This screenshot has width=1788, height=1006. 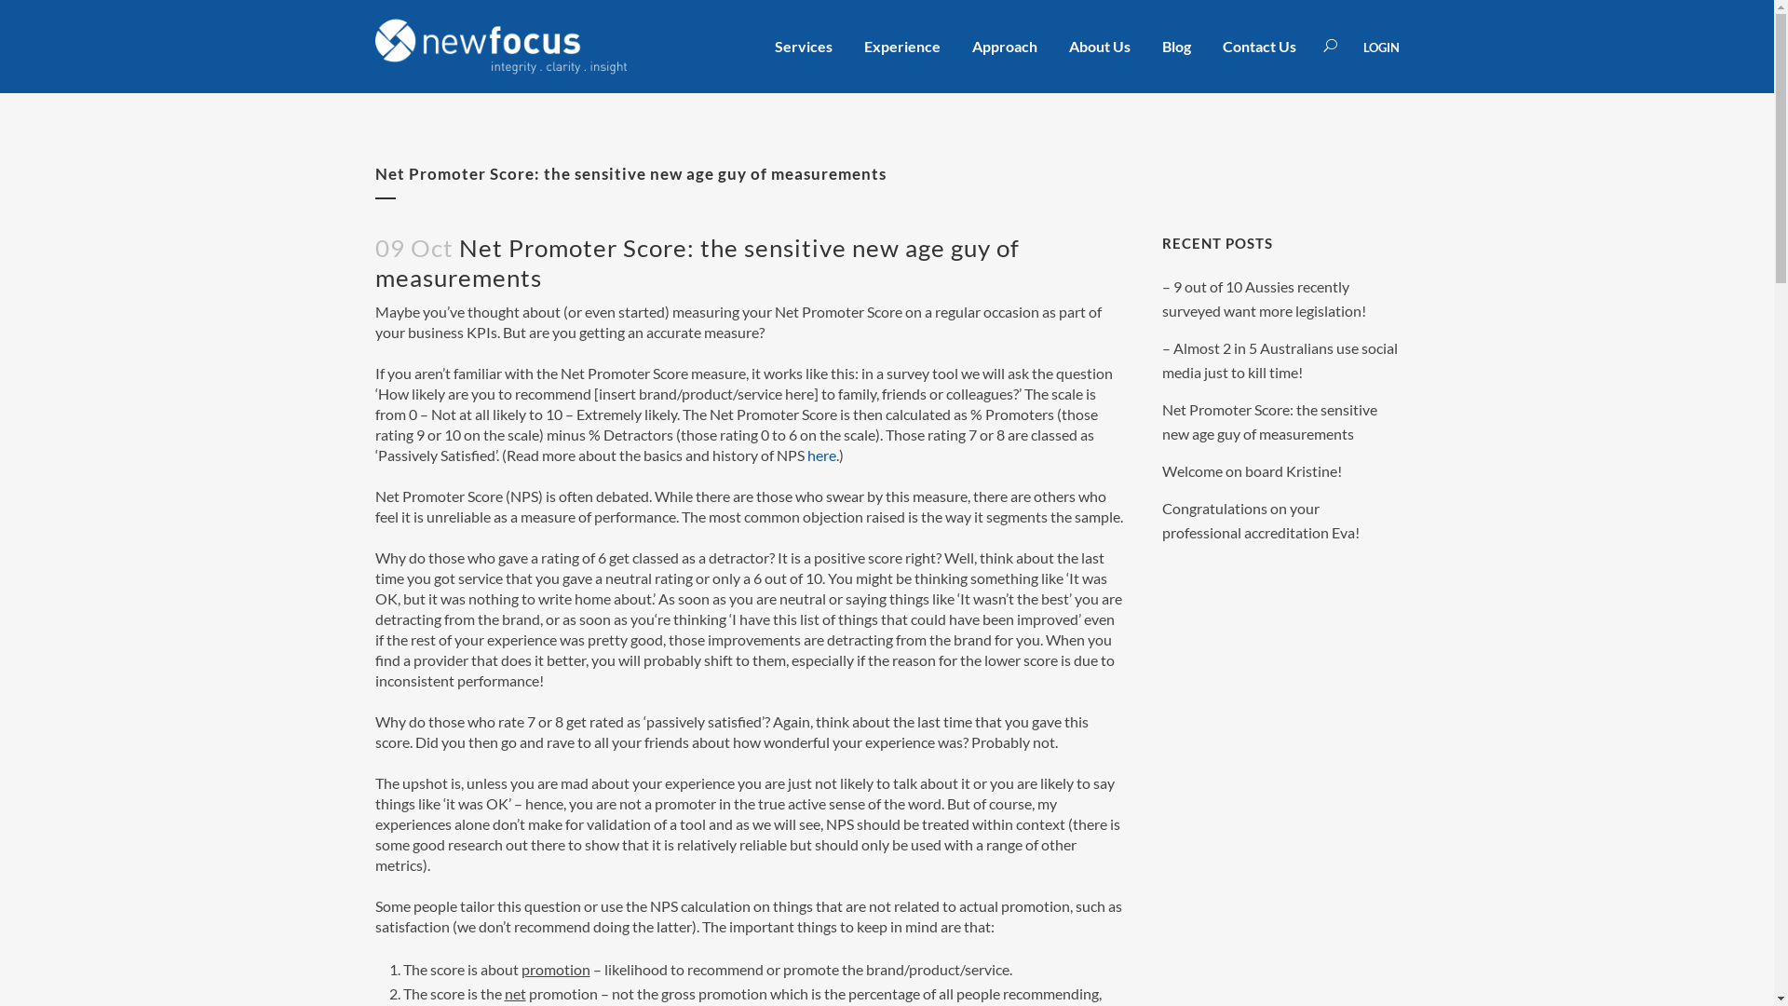 I want to click on 'here', so click(x=806, y=455).